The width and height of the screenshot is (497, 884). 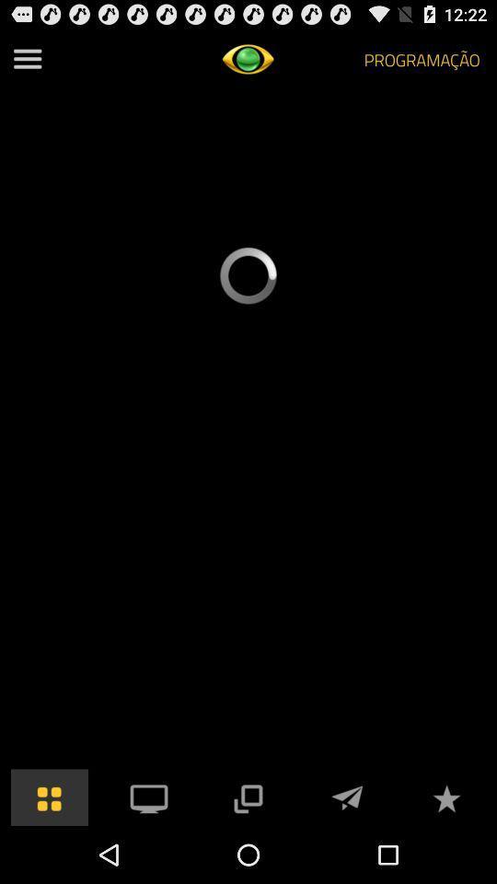 I want to click on pc option, so click(x=148, y=796).